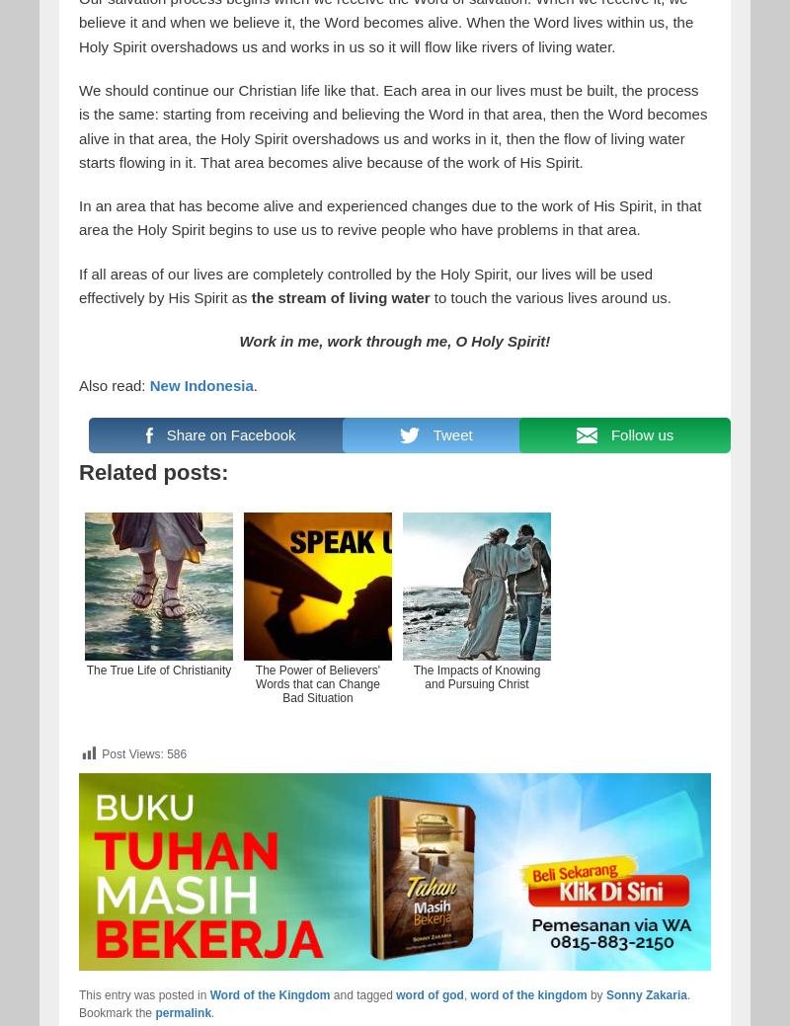  What do you see at coordinates (645, 993) in the screenshot?
I see `'Sonny Zakaria'` at bounding box center [645, 993].